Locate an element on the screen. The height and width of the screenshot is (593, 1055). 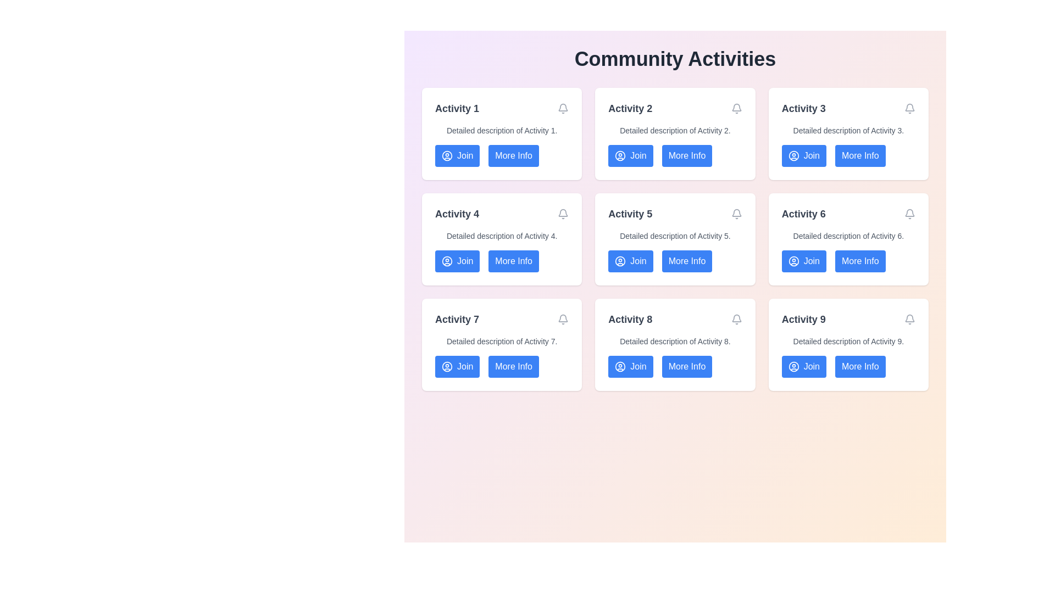
the 'Activity 1' text label element at the top-left corner of the first card in the grid layout to focus is located at coordinates (457, 108).